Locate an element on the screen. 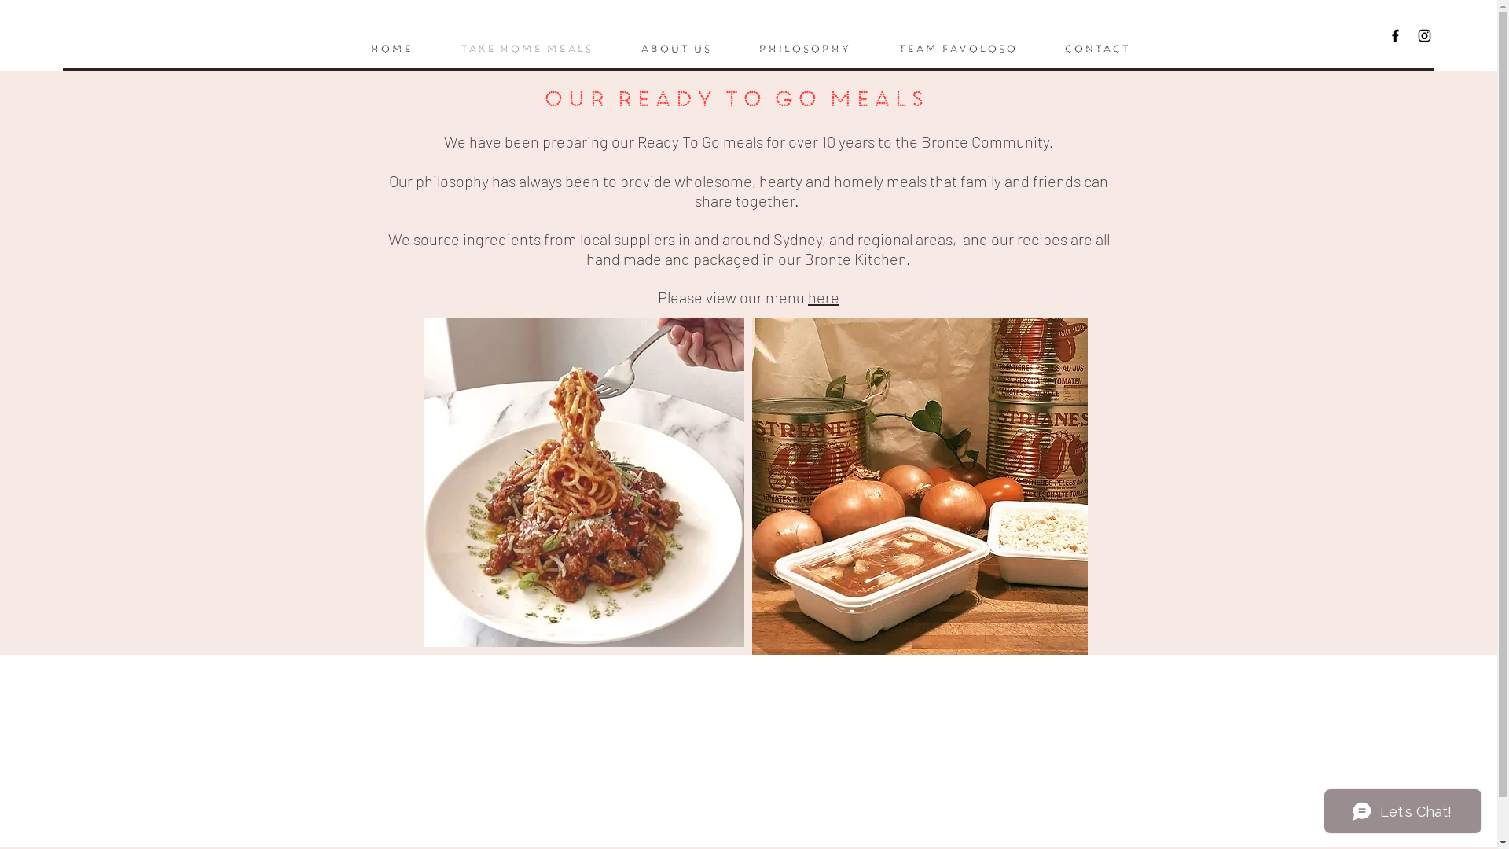  'TAKE HOME MEALS' is located at coordinates (525, 48).